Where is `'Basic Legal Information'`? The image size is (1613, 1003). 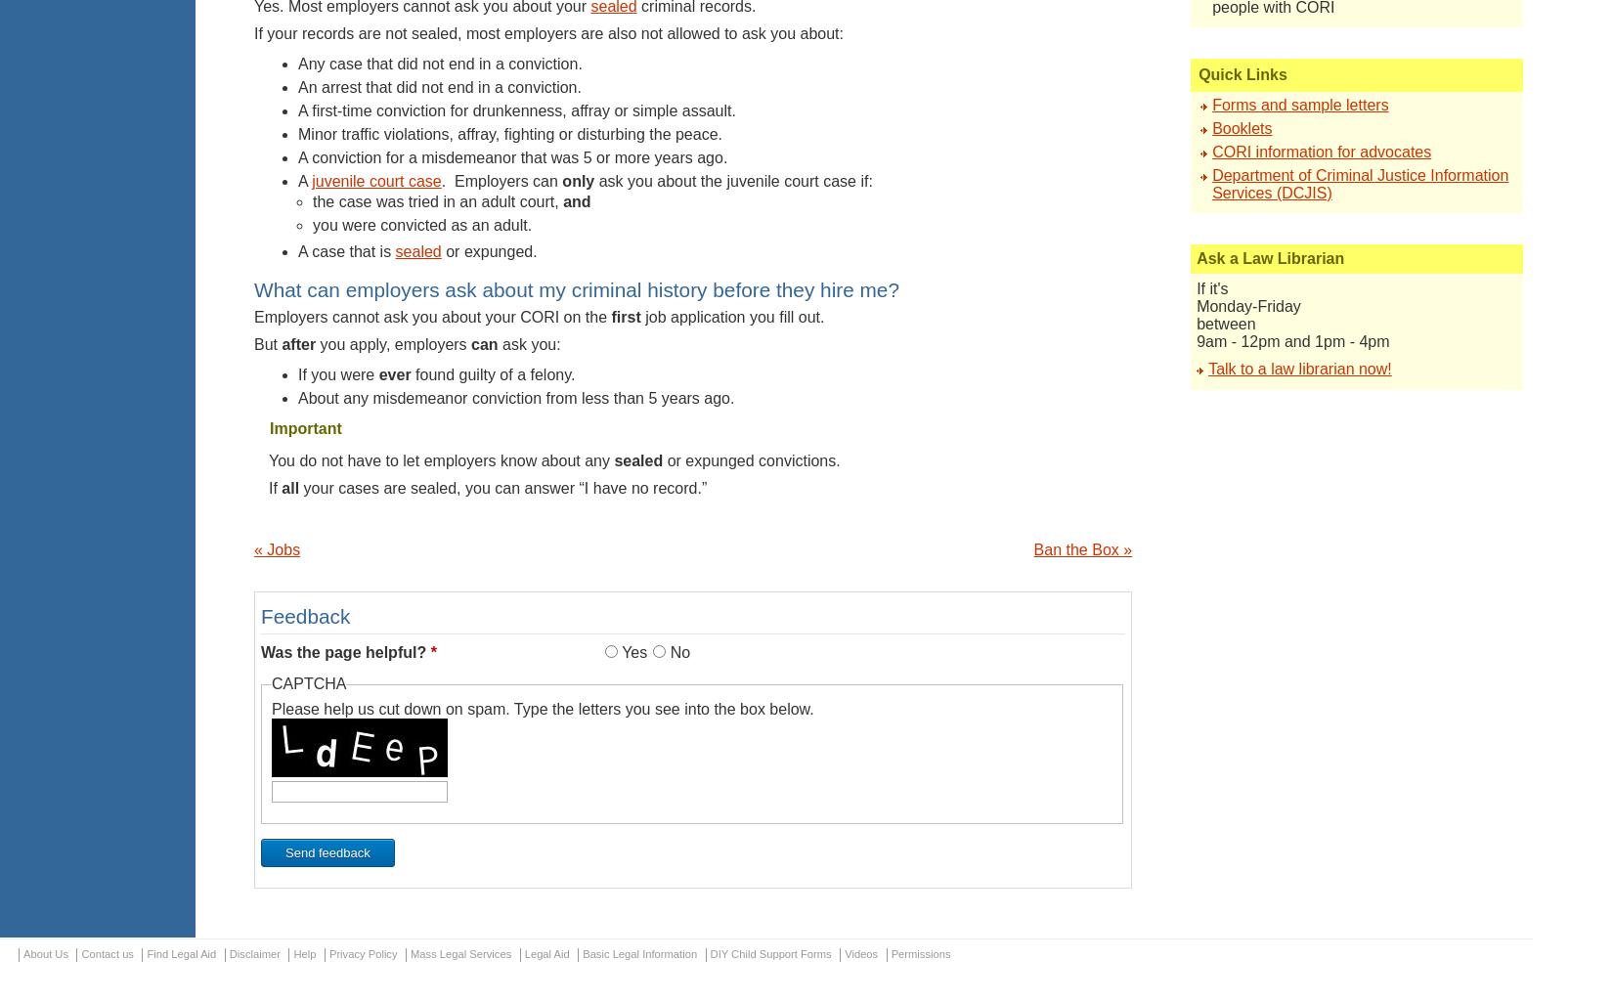 'Basic Legal Information' is located at coordinates (638, 953).